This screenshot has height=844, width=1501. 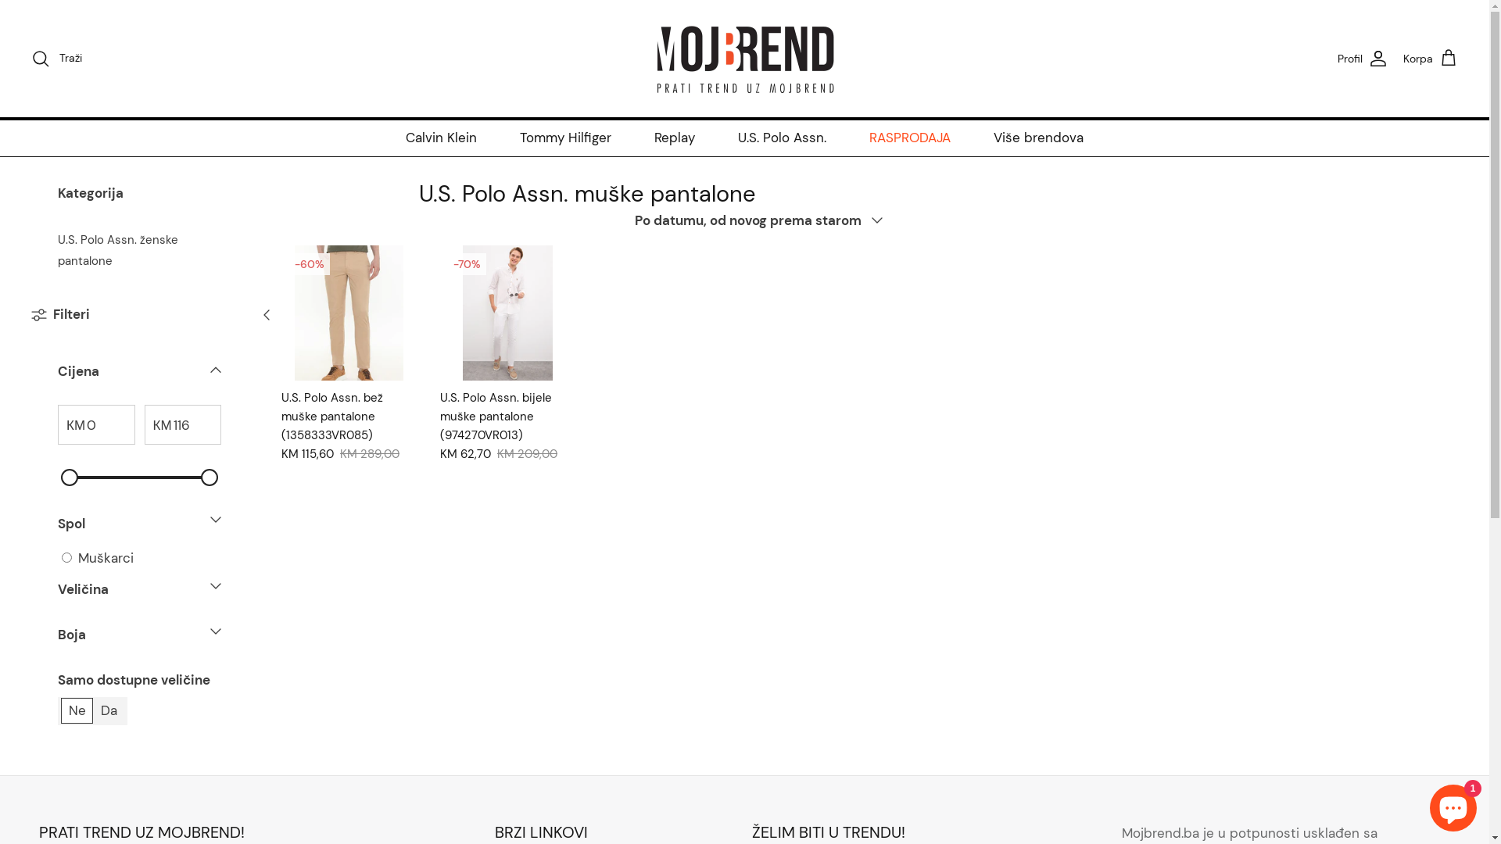 I want to click on 'Po datumu, od novog prema starom', so click(x=764, y=220).